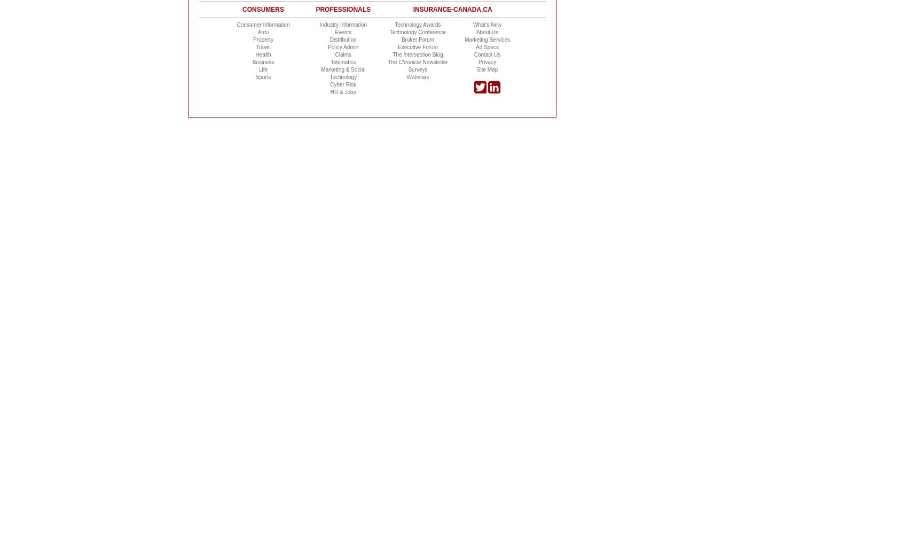 This screenshot has width=910, height=534. What do you see at coordinates (416, 53) in the screenshot?
I see `'Intersection'` at bounding box center [416, 53].